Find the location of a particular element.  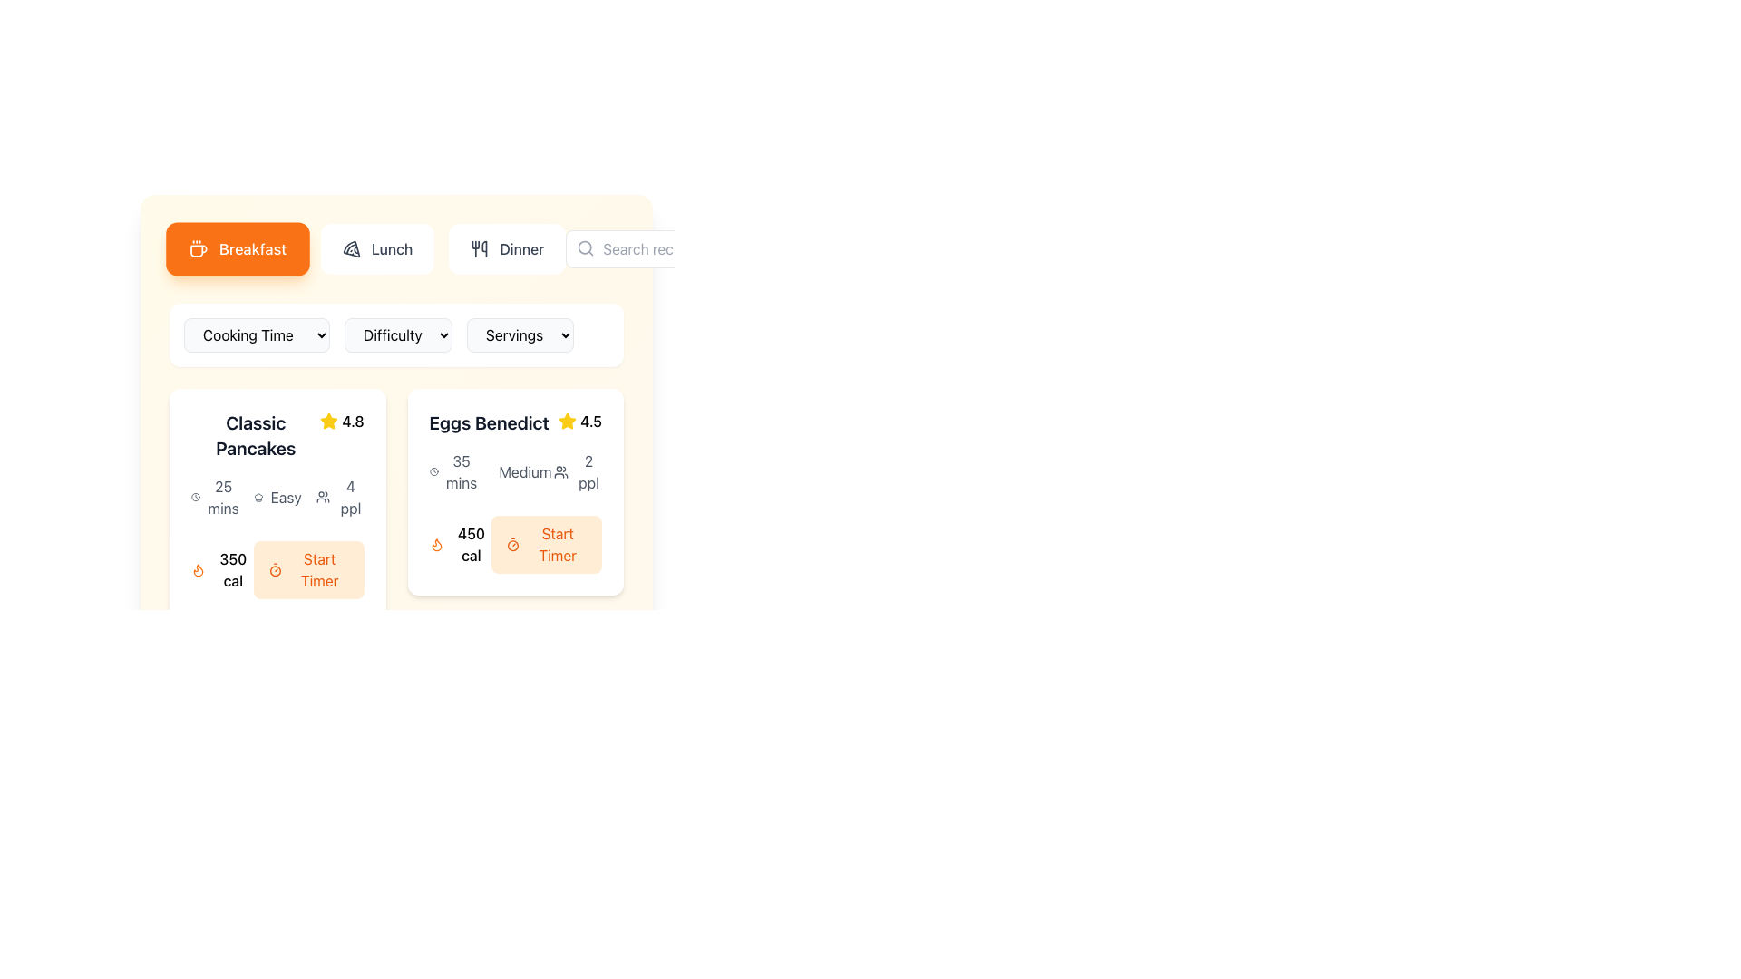

the icon representing the number of people served by the recipe 'Eggs Benedict', located to the left of the text '2 ppl' in the details section is located at coordinates (560, 470).